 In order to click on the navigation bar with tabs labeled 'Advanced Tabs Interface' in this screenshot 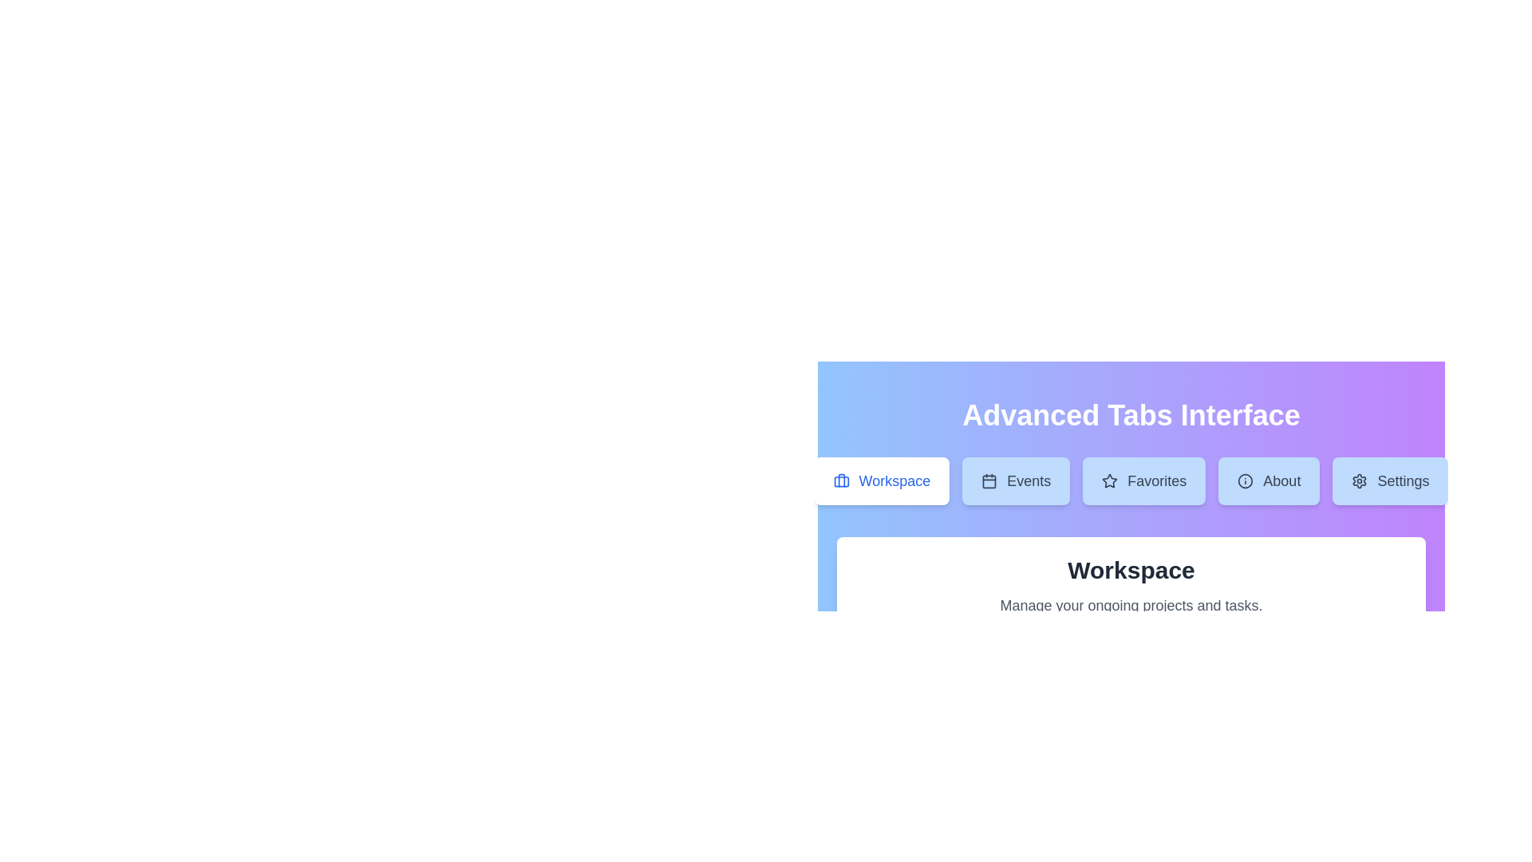, I will do `click(1130, 476)`.